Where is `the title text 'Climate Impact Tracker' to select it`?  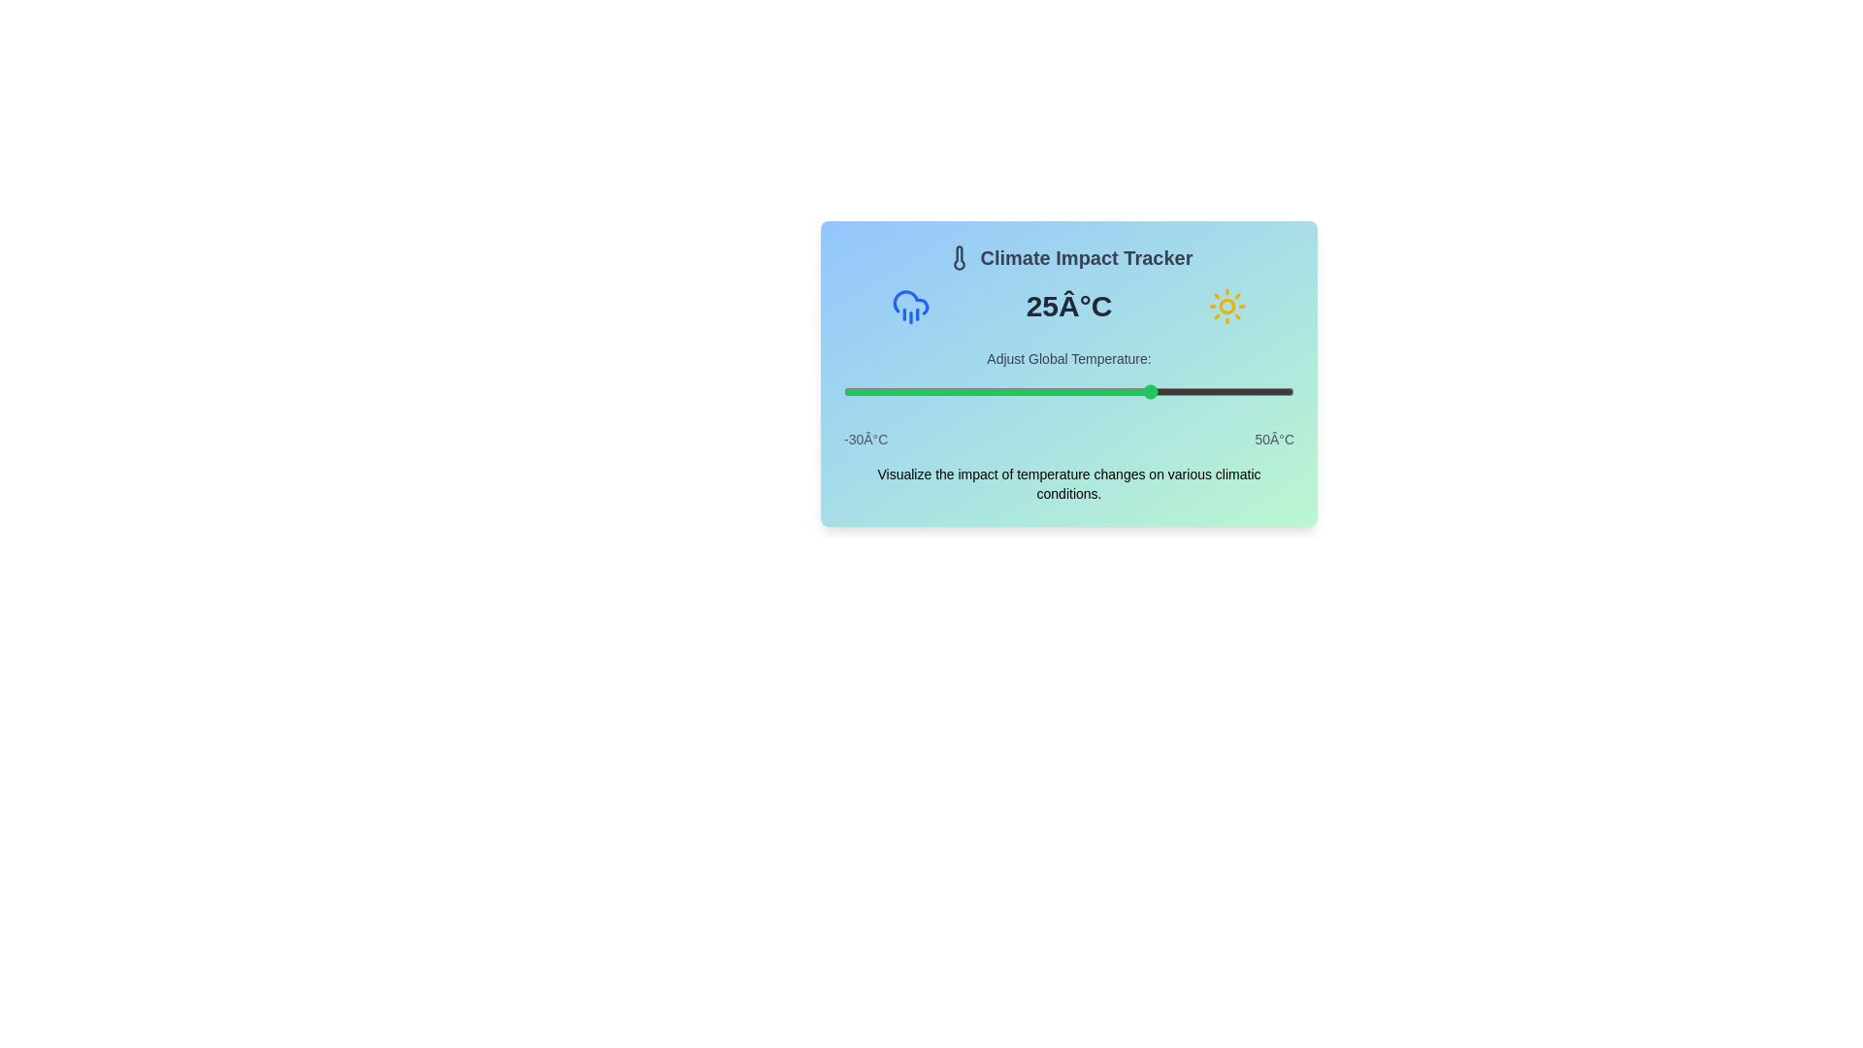 the title text 'Climate Impact Tracker' to select it is located at coordinates (1068, 257).